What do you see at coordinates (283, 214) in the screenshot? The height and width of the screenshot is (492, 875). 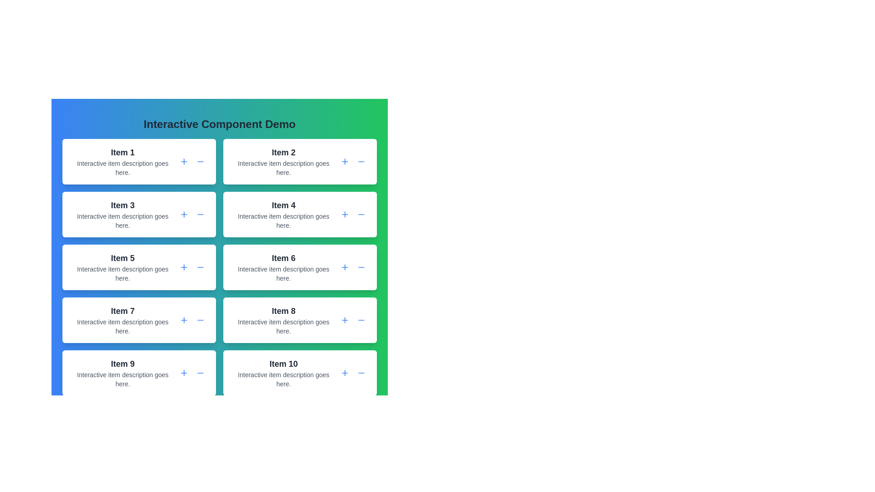 I see `the Text block with heading and description located in the second column of the second row, positioned under 'Item 2' and adjacent to 'Item 3', for accessibility` at bounding box center [283, 214].